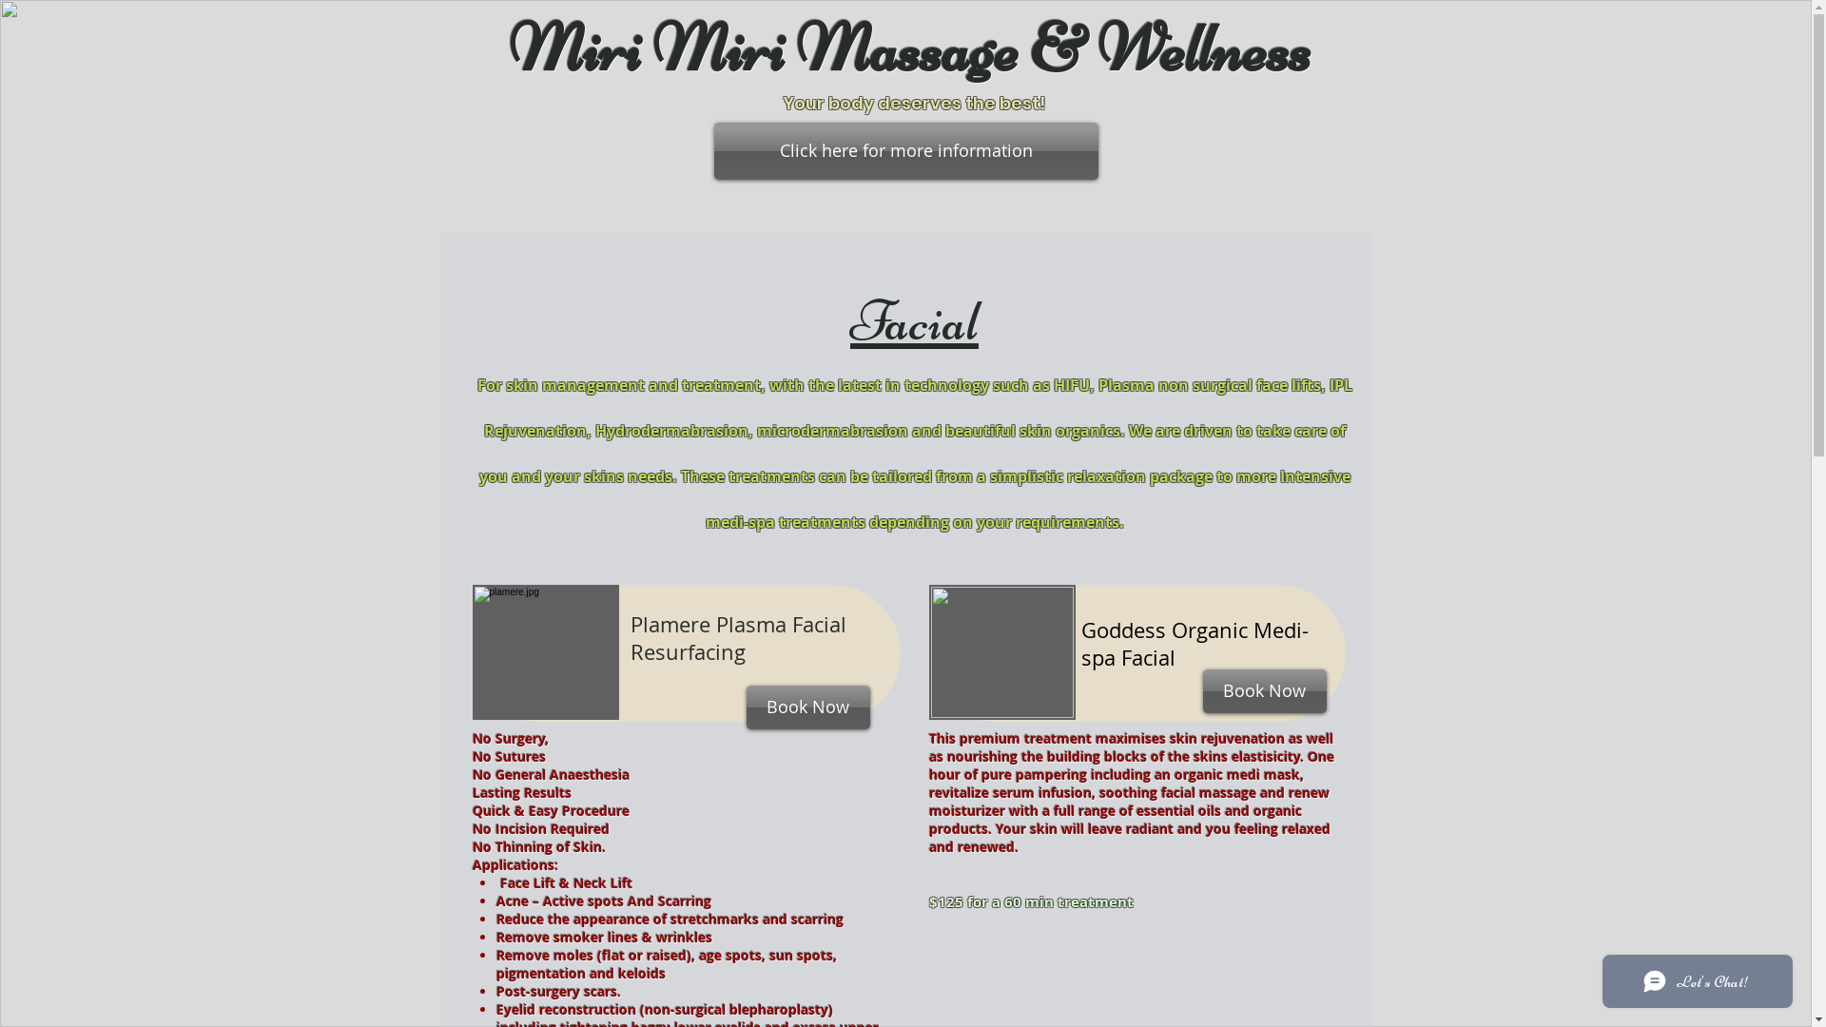  Describe the element at coordinates (807, 707) in the screenshot. I see `'Book Now'` at that location.